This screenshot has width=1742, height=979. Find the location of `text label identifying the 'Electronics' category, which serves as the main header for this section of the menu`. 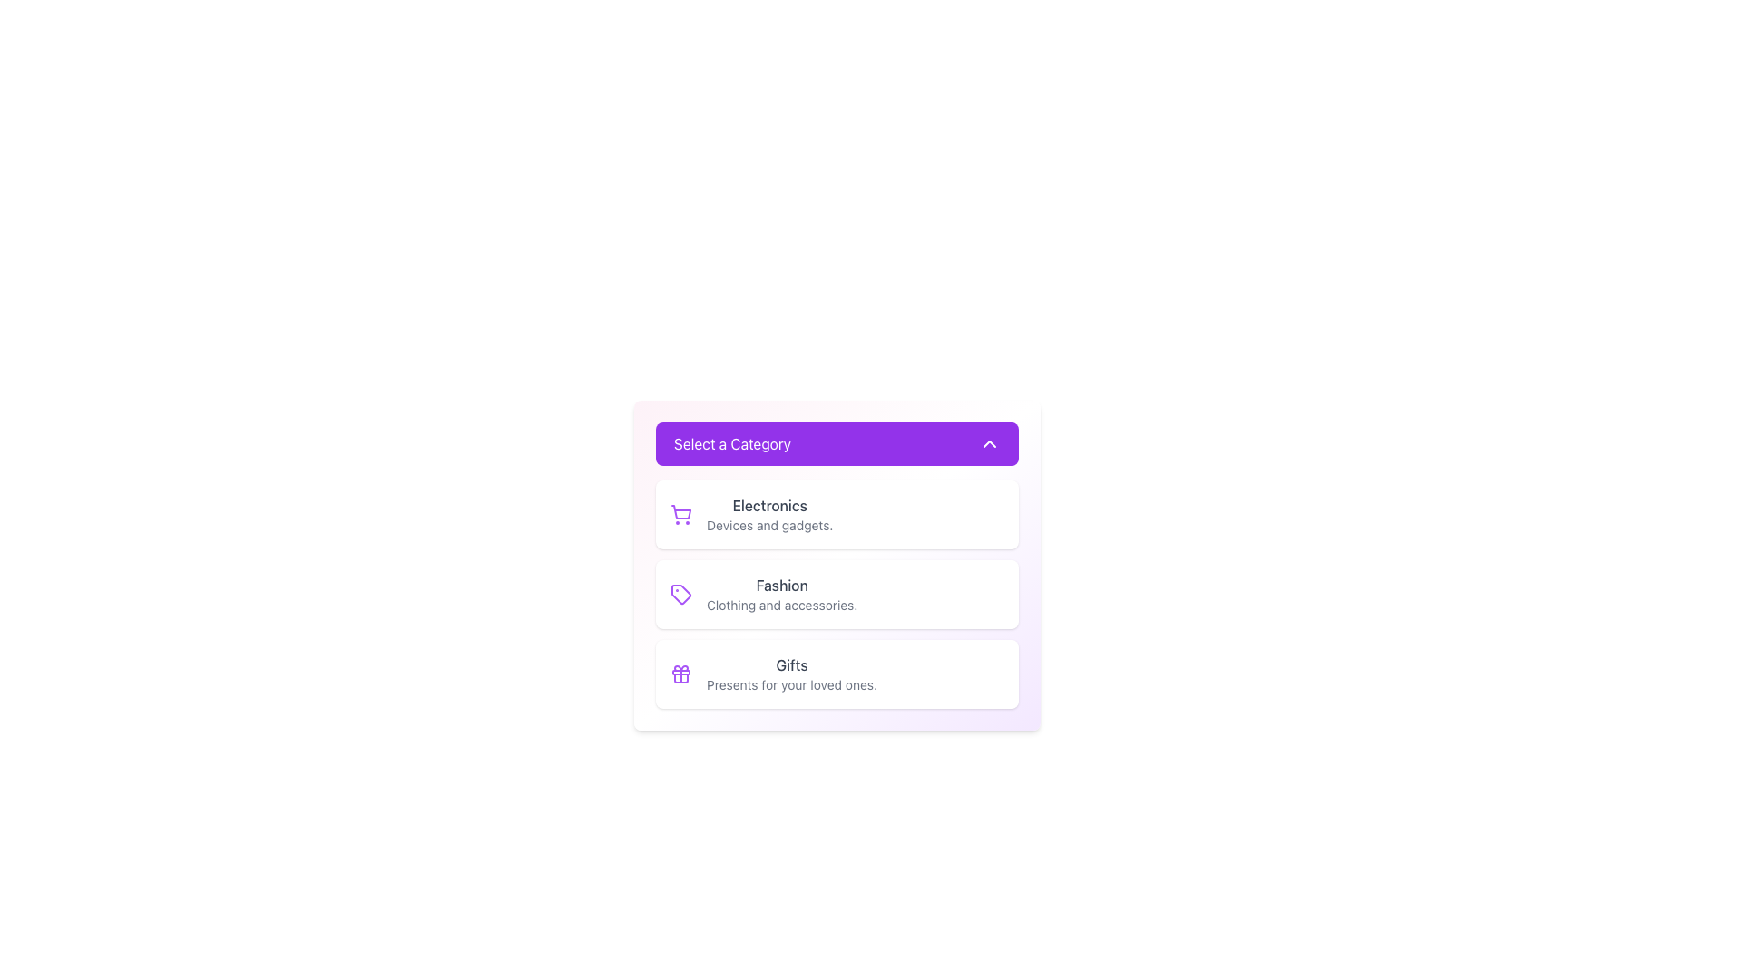

text label identifying the 'Electronics' category, which serves as the main header for this section of the menu is located at coordinates (769, 506).